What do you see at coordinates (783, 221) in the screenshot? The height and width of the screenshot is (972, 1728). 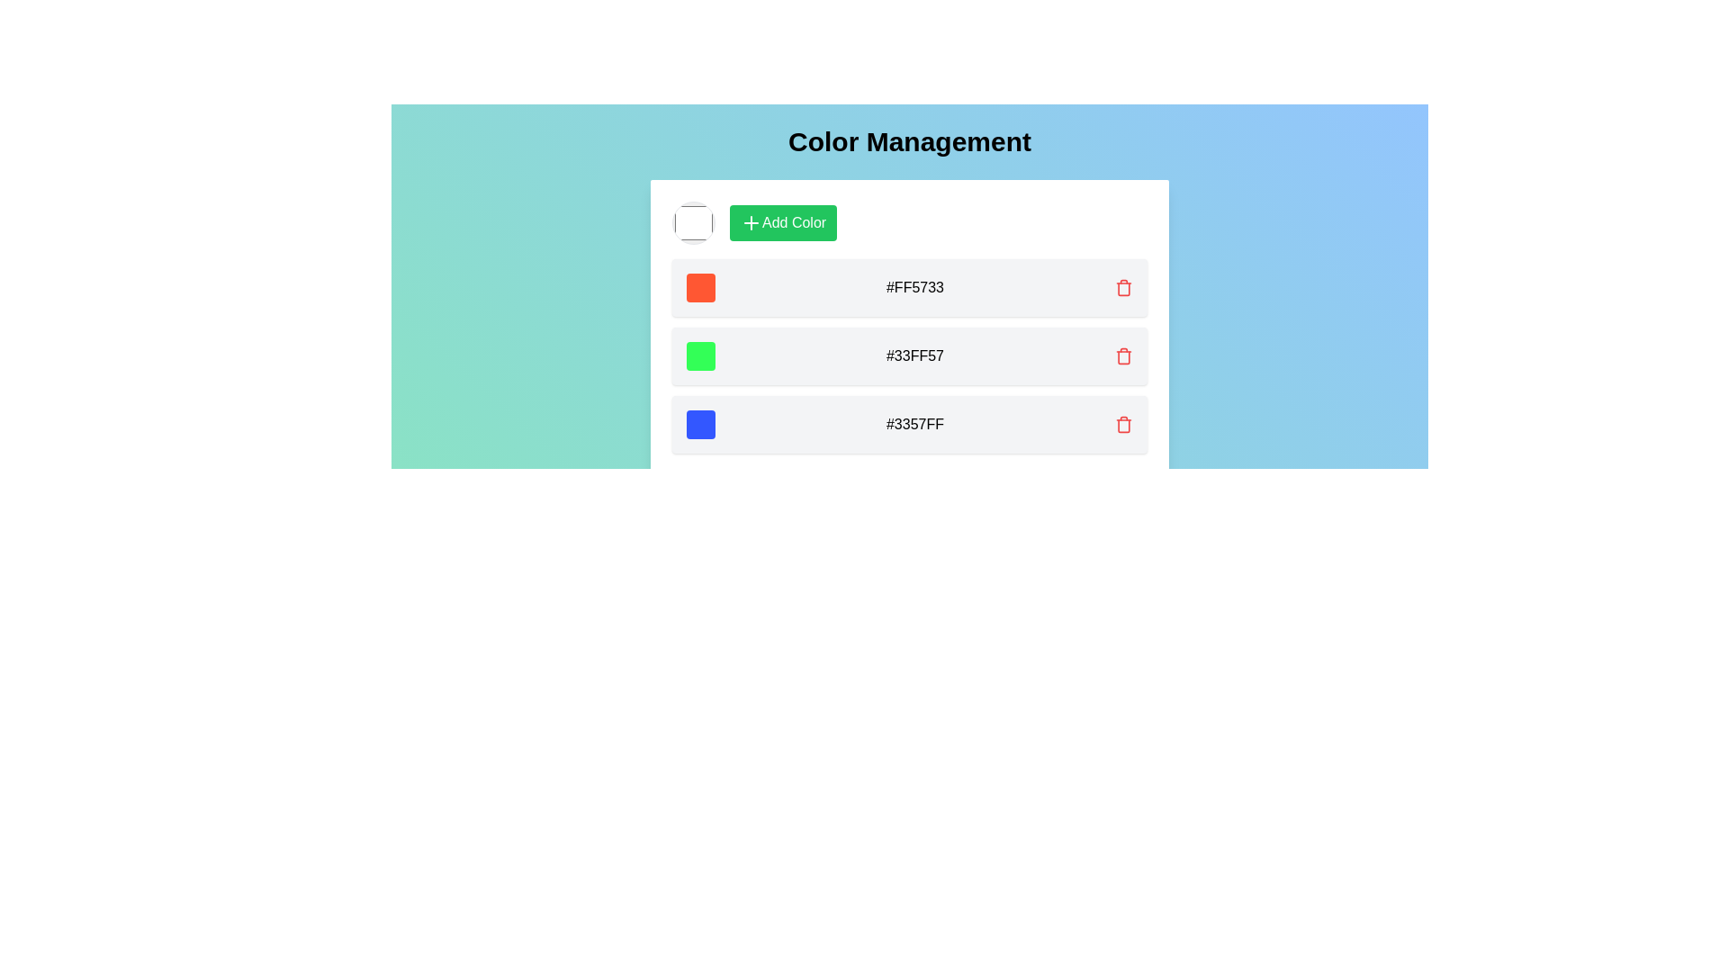 I see `the green 'Add Color' button with rounded edges, which features a white plus sign icon and is located at the top right of the color picker in the card interface` at bounding box center [783, 221].